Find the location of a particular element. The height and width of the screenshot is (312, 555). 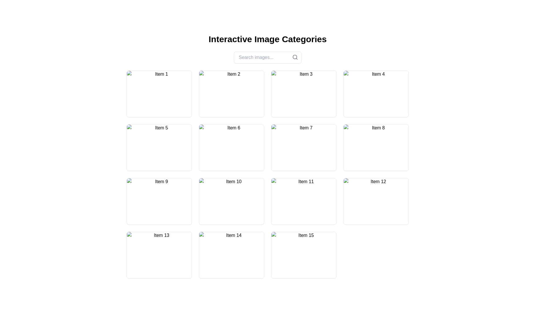

the image displaying 'Item 1' is located at coordinates (159, 93).